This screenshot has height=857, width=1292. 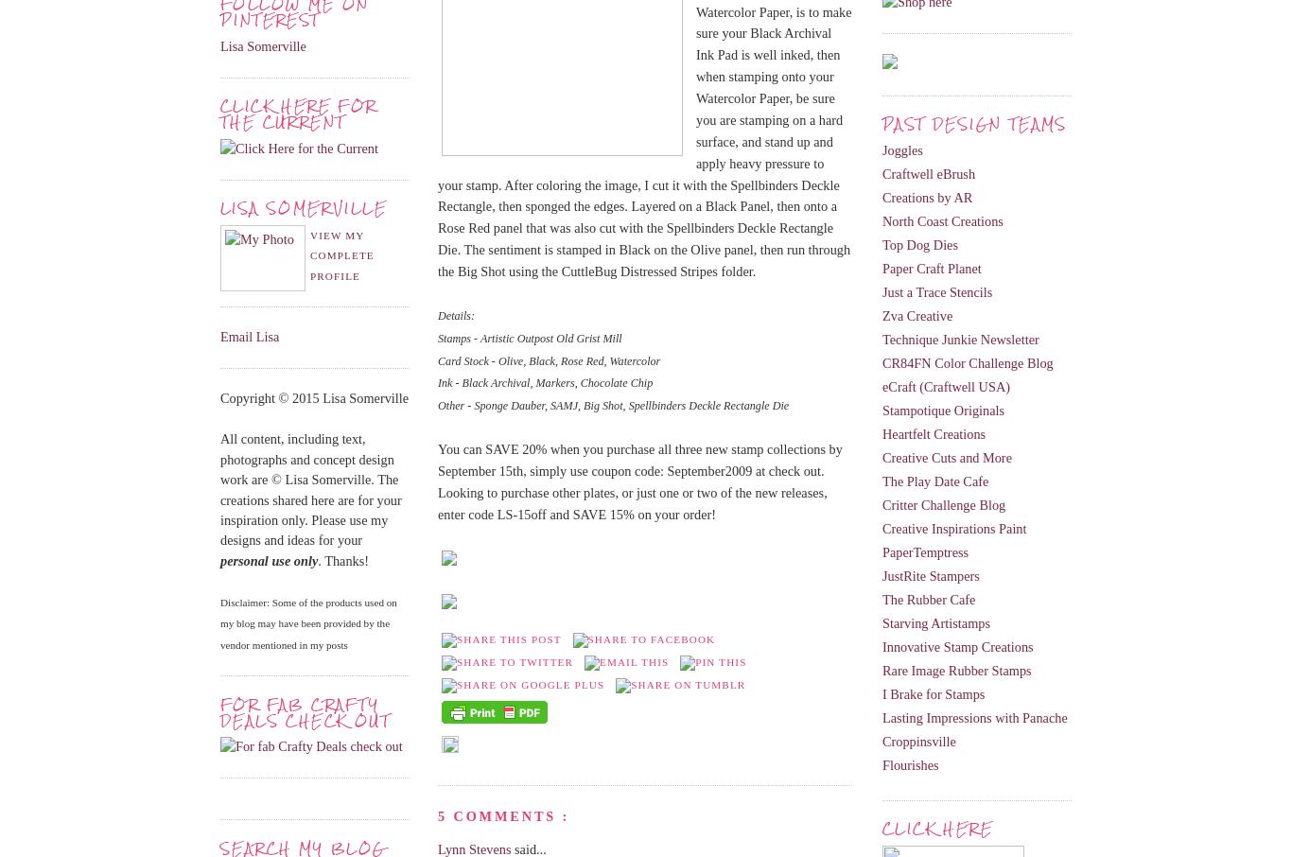 What do you see at coordinates (476, 849) in the screenshot?
I see `'Lynn Stevens'` at bounding box center [476, 849].